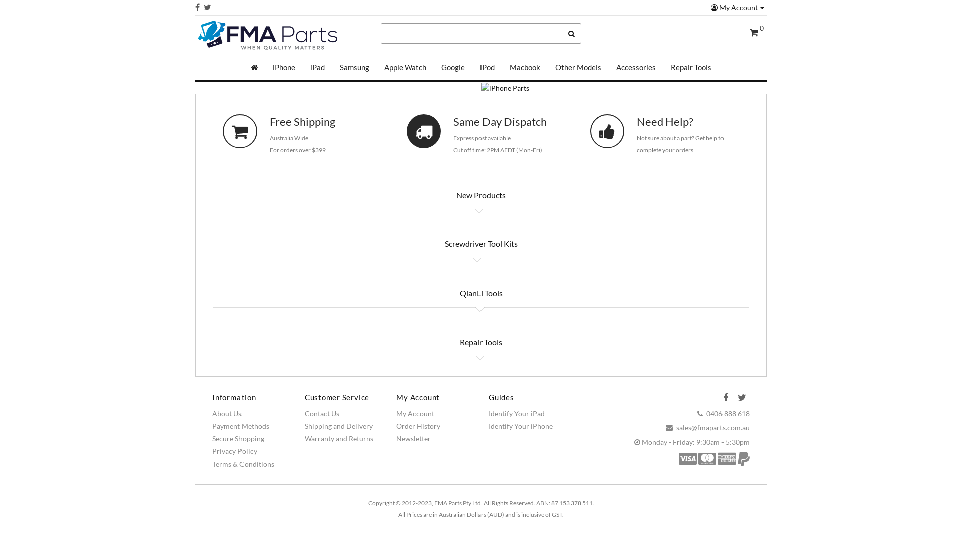 The height and width of the screenshot is (541, 962). Describe the element at coordinates (415, 413) in the screenshot. I see `'My Account'` at that location.